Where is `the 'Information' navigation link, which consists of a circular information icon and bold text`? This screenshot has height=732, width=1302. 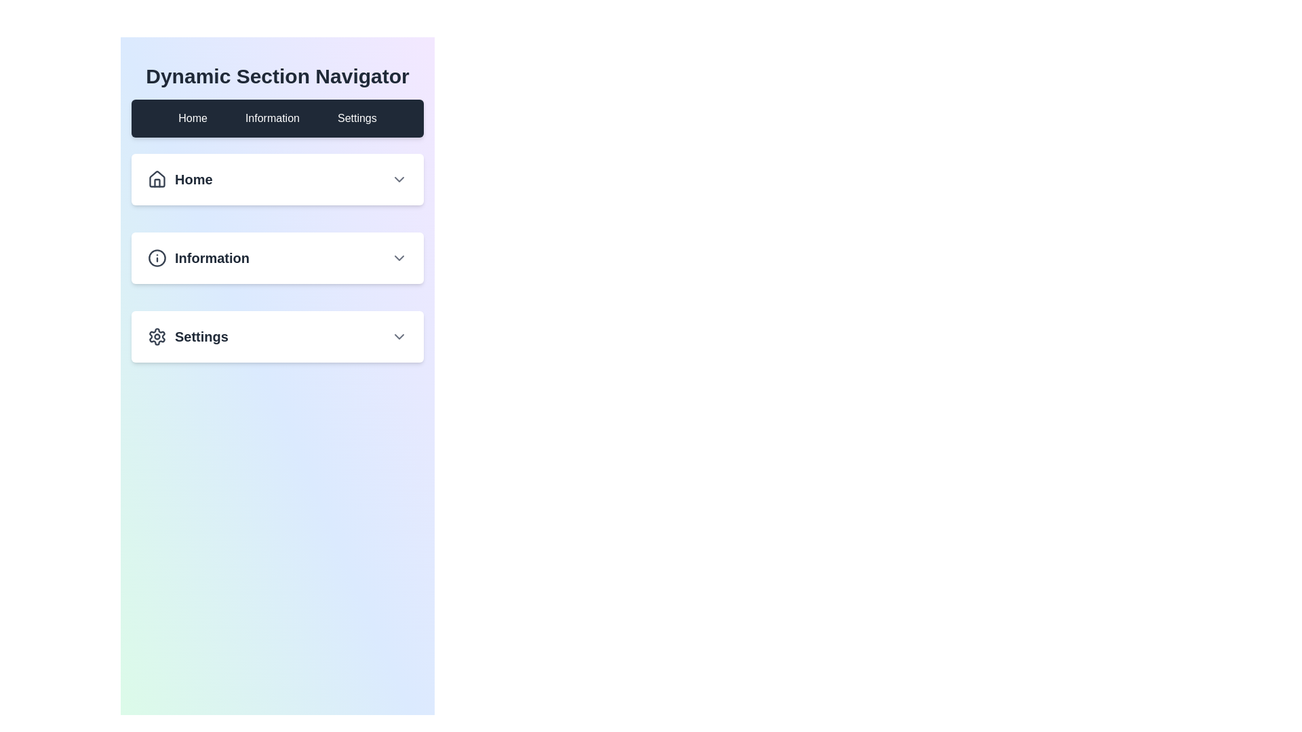
the 'Information' navigation link, which consists of a circular information icon and bold text is located at coordinates (197, 258).